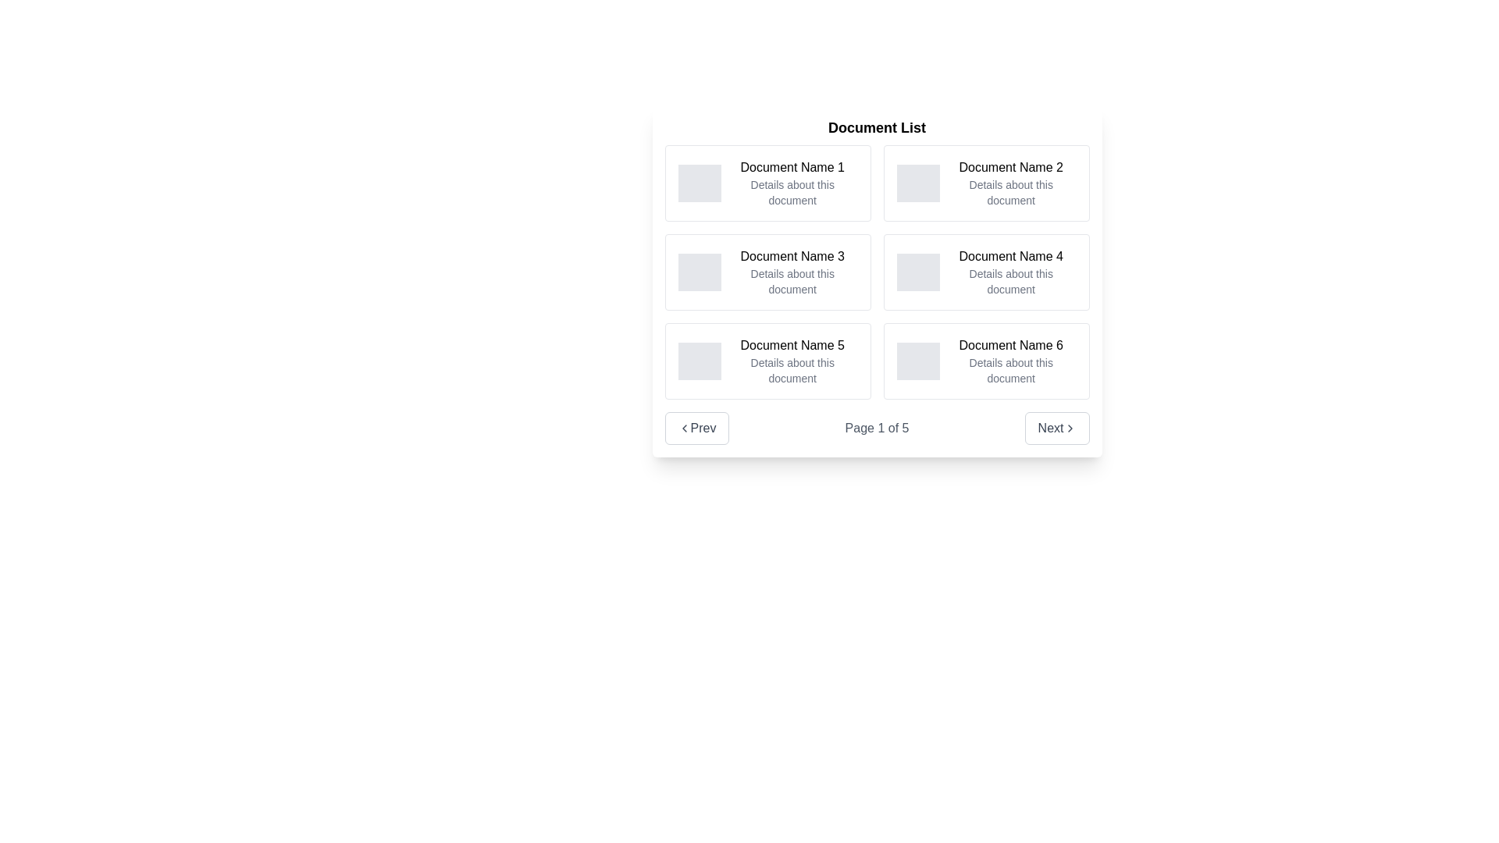 This screenshot has height=843, width=1499. I want to click on the chevron arrow icon inside the 'Prev' button located at the bottom left corner of the document list interface to navigate to the previous page or content, so click(684, 428).